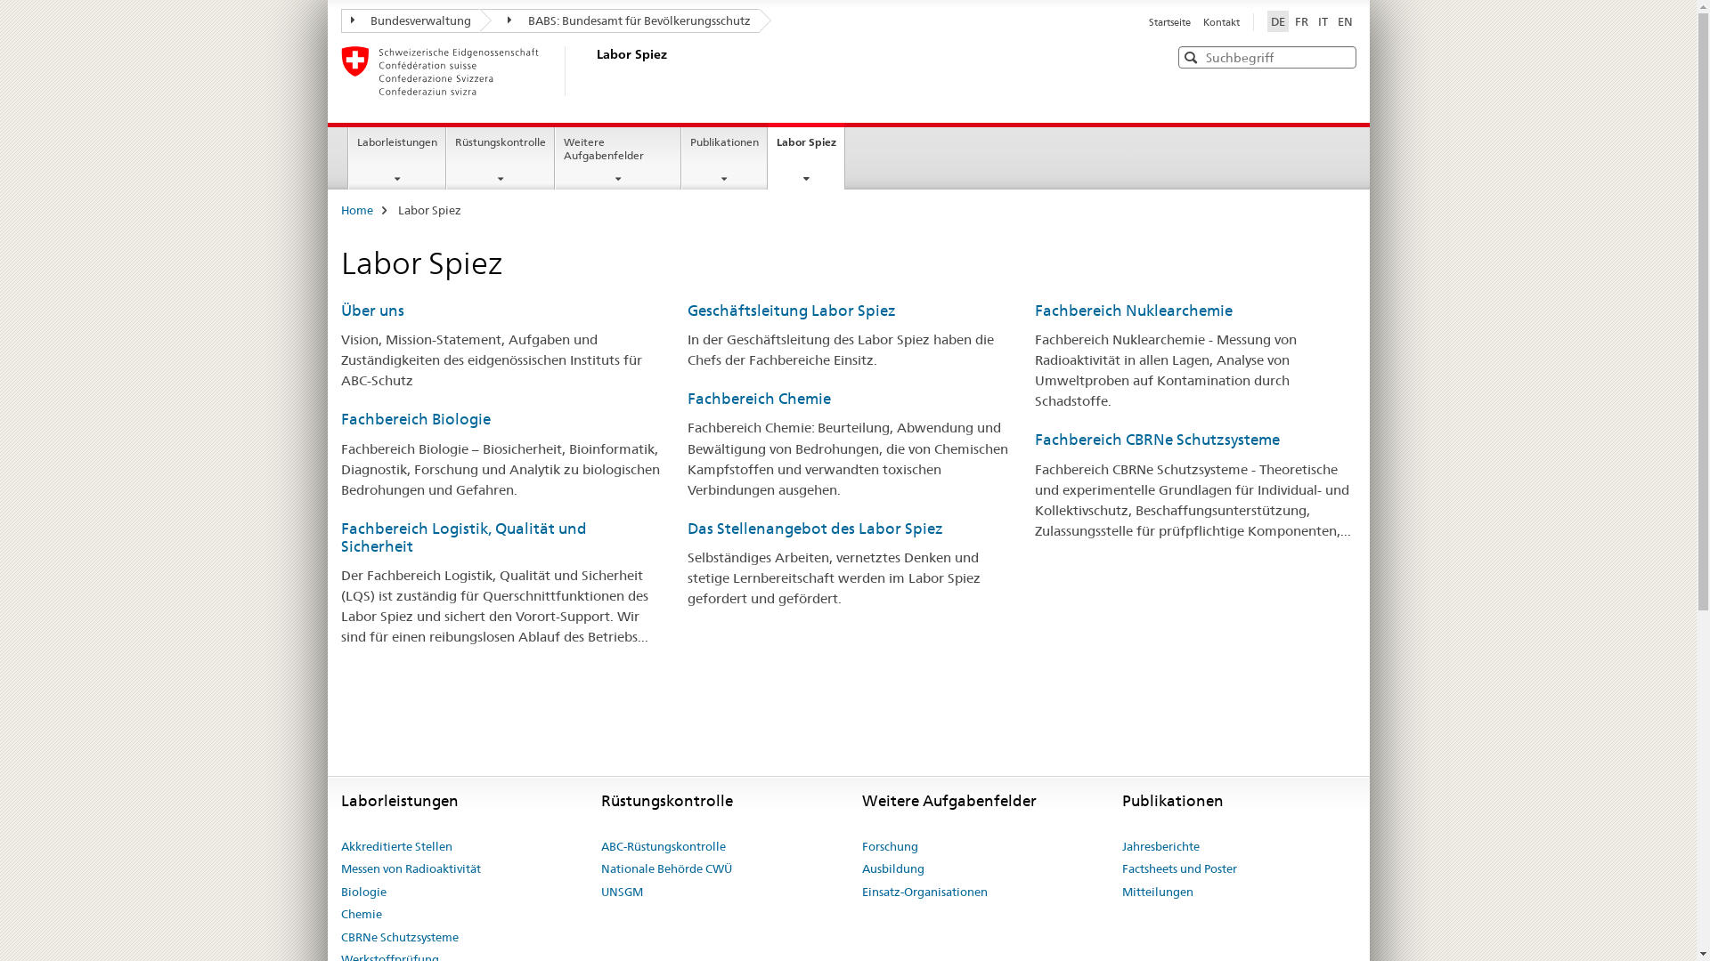  What do you see at coordinates (1276, 20) in the screenshot?
I see `'DE` at bounding box center [1276, 20].